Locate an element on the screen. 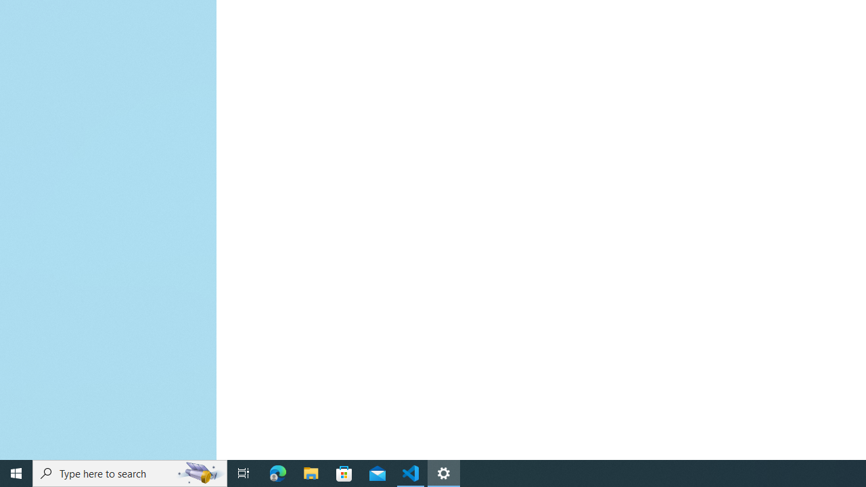 The width and height of the screenshot is (866, 487). 'Settings - 1 running window' is located at coordinates (444, 472).